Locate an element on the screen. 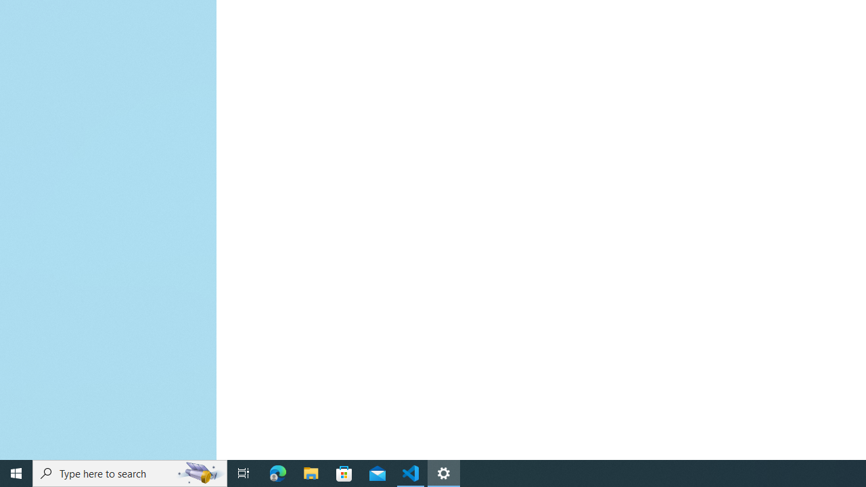 The width and height of the screenshot is (866, 487). 'Settings - 1 running window' is located at coordinates (444, 472).